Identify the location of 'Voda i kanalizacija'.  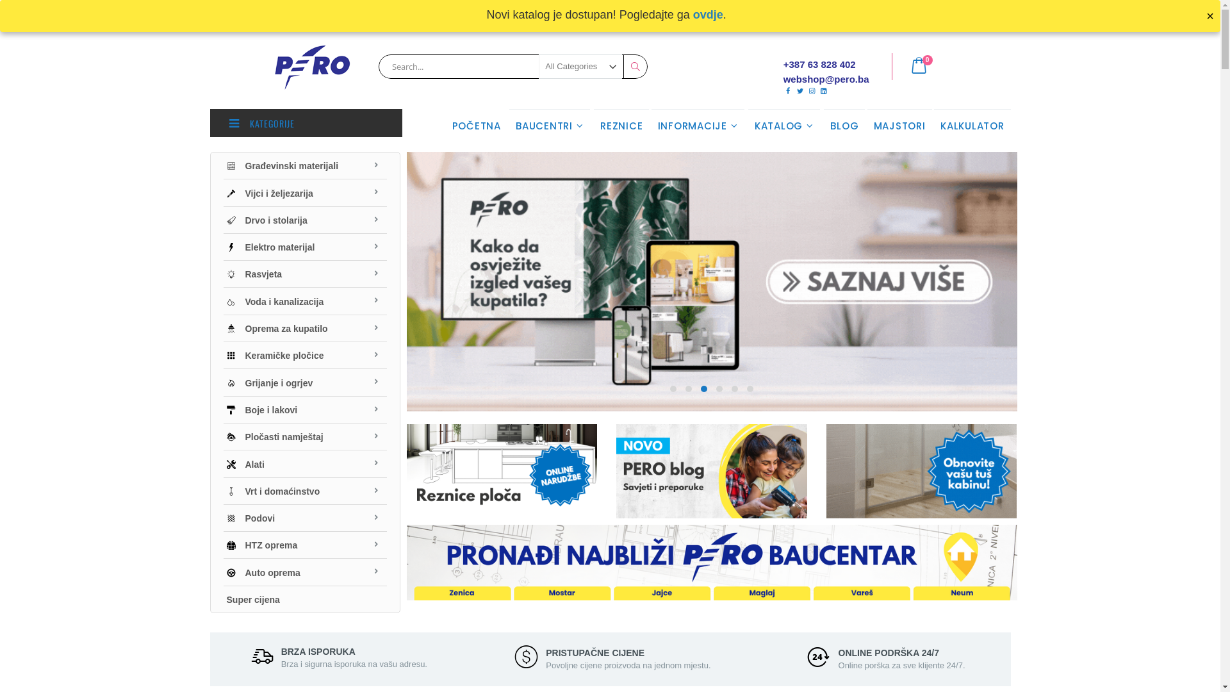
(304, 301).